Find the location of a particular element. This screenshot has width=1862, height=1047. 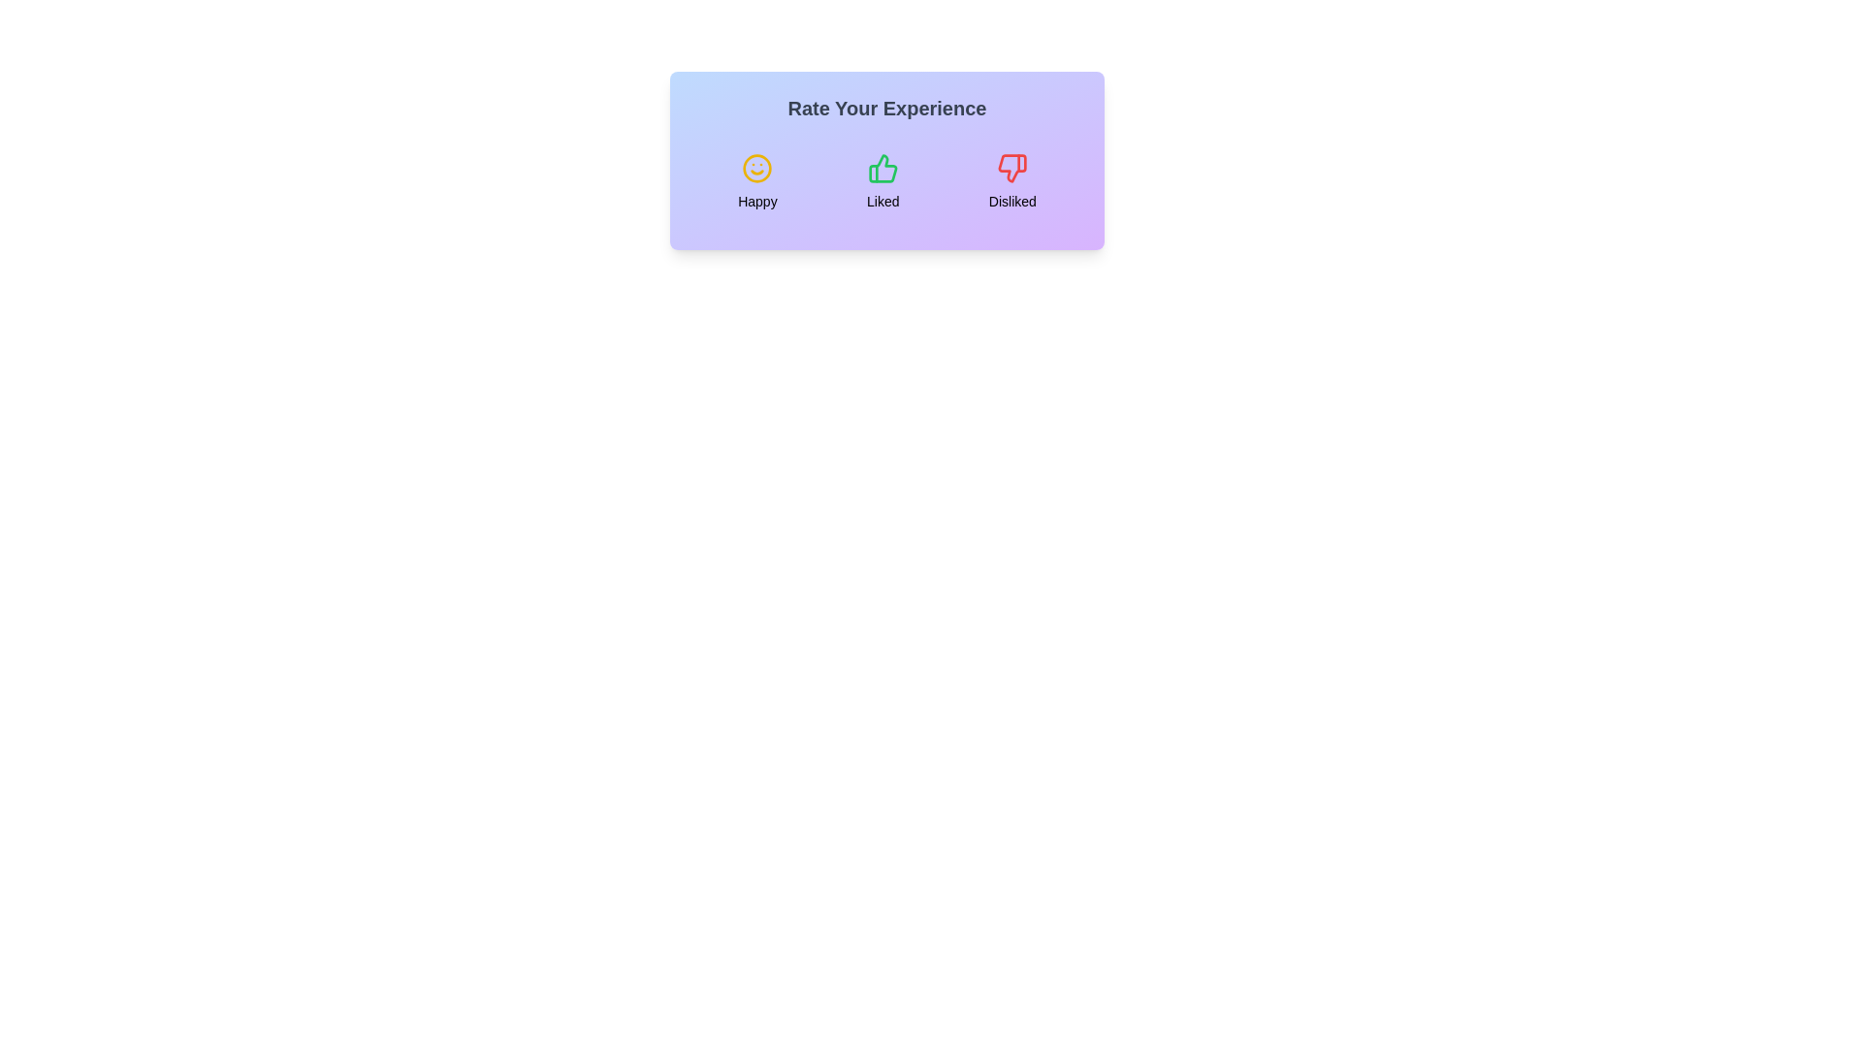

the thumbs-up icon in the center section of the group of clickable items is located at coordinates (886, 182).